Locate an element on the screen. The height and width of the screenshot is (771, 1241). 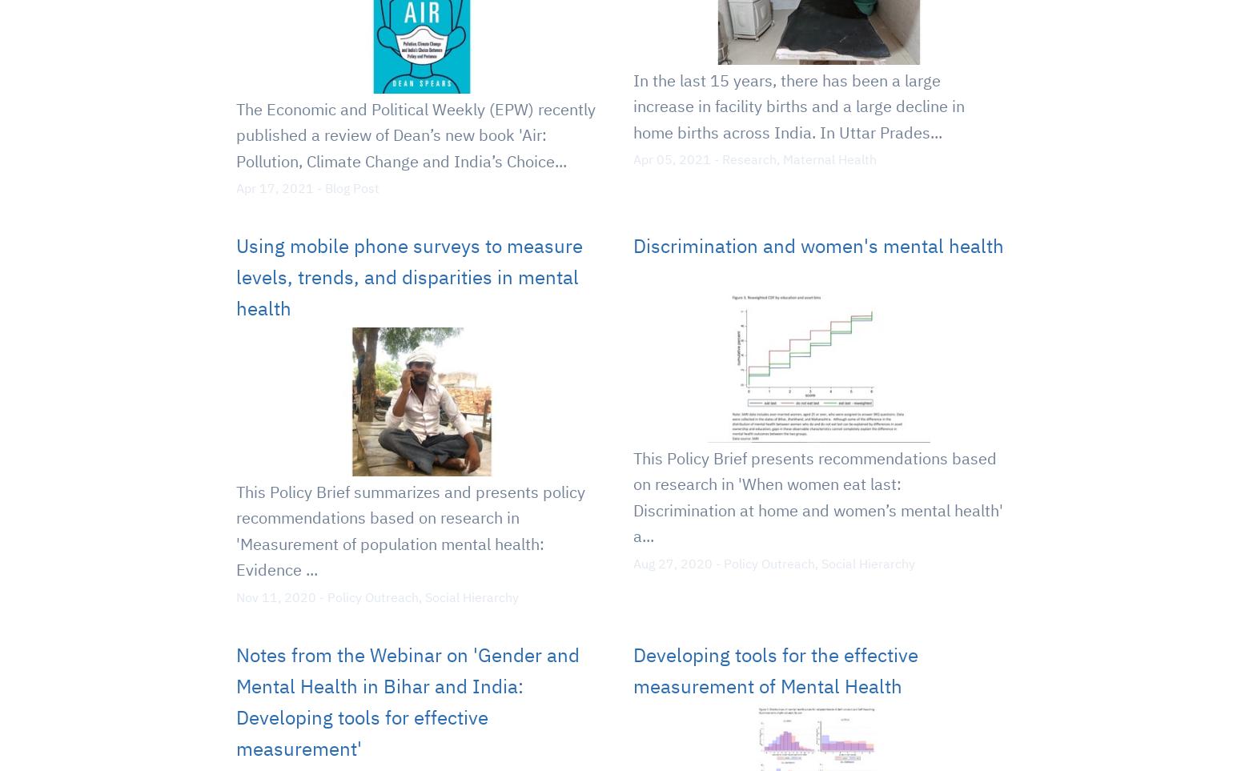
'Using mobile phone surveys to measure levels, trends, and disparities in mental health' is located at coordinates (235, 277).